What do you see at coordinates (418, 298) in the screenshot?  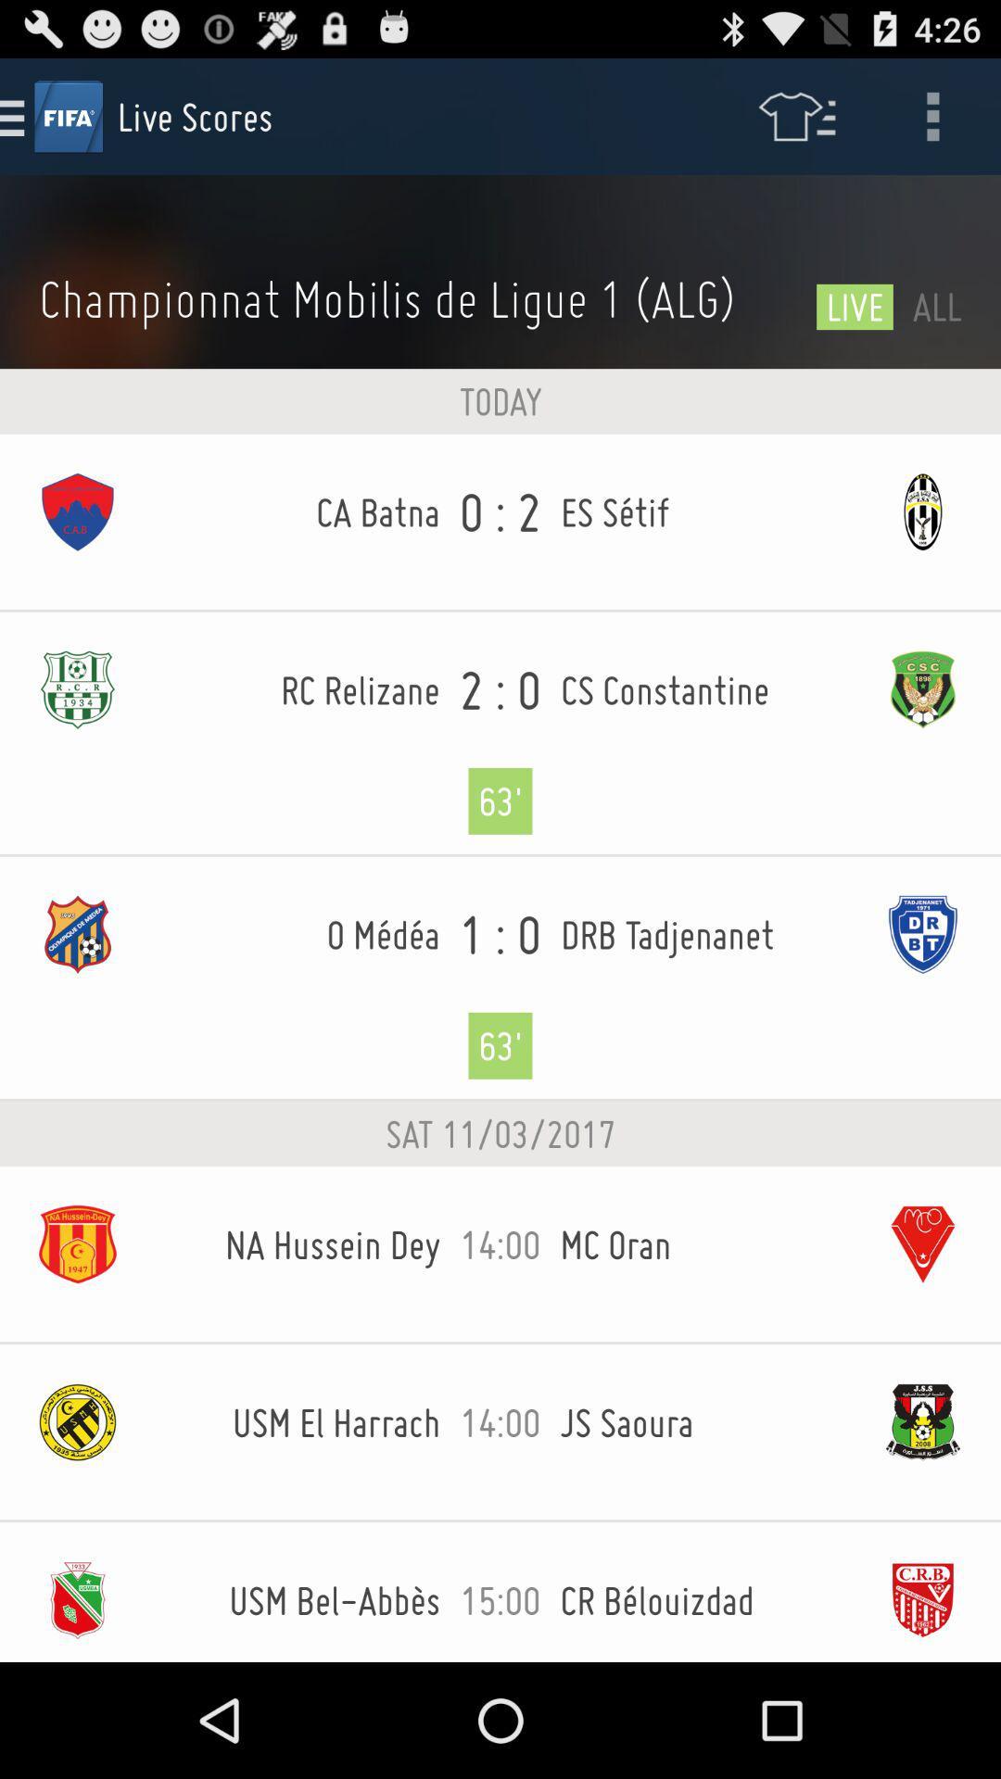 I see `the championnat mobilis de item` at bounding box center [418, 298].